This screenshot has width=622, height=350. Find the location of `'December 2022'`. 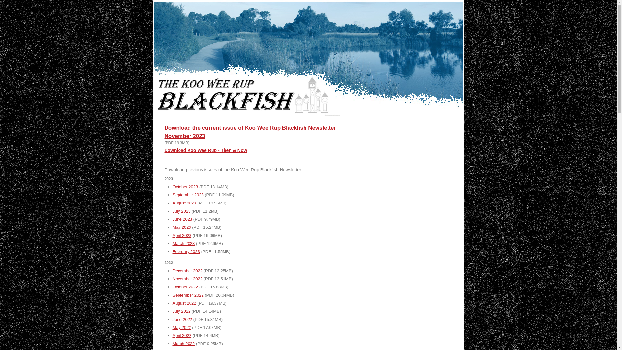

'December 2022' is located at coordinates (187, 271).